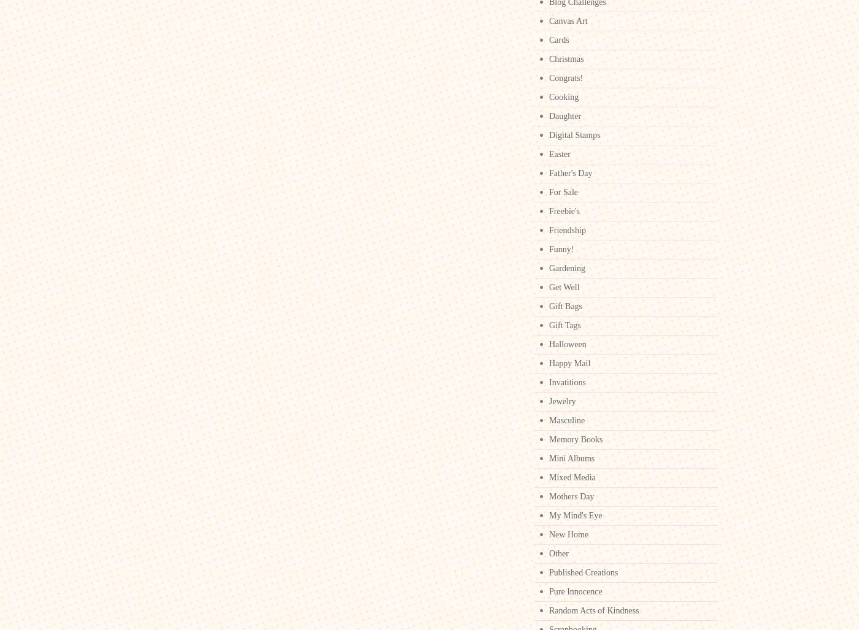 Image resolution: width=859 pixels, height=630 pixels. I want to click on 'Published Creations', so click(549, 572).